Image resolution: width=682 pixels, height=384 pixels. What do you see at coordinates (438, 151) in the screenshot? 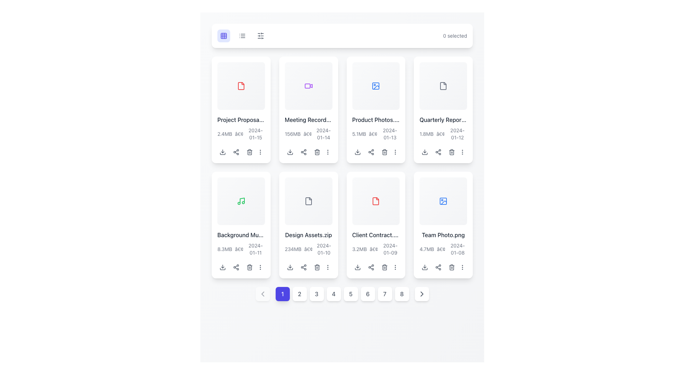
I see `the 'Share' button located in the second position from the left within the row of interactive icons below the 'Quarterly Report.pdf' file tile` at bounding box center [438, 151].